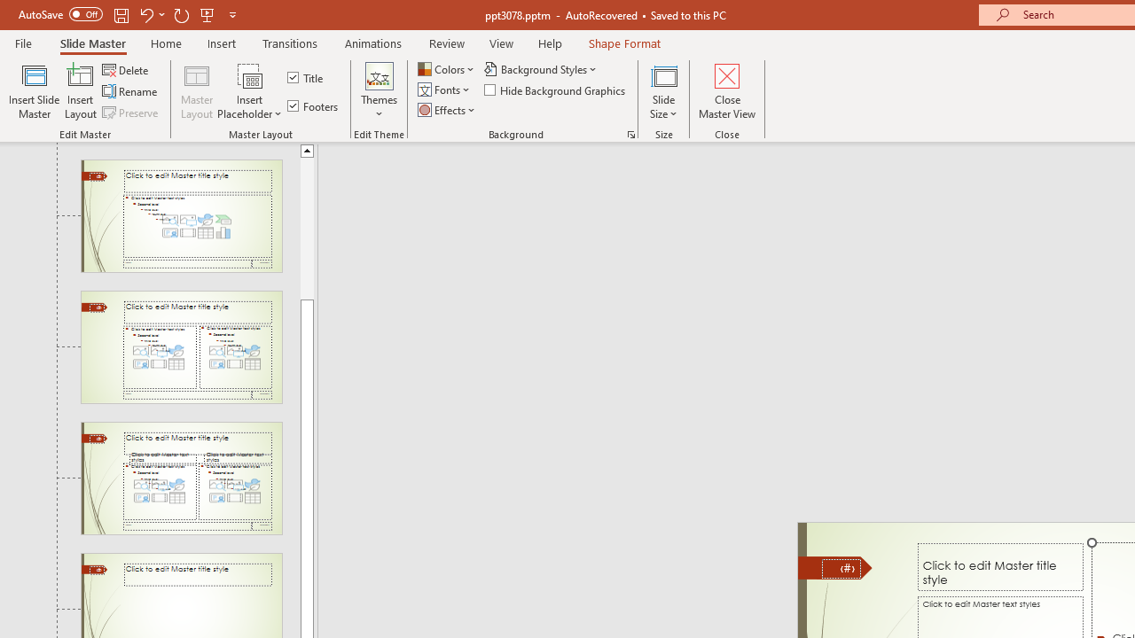 This screenshot has height=638, width=1135. What do you see at coordinates (9, 10) in the screenshot?
I see `'System'` at bounding box center [9, 10].